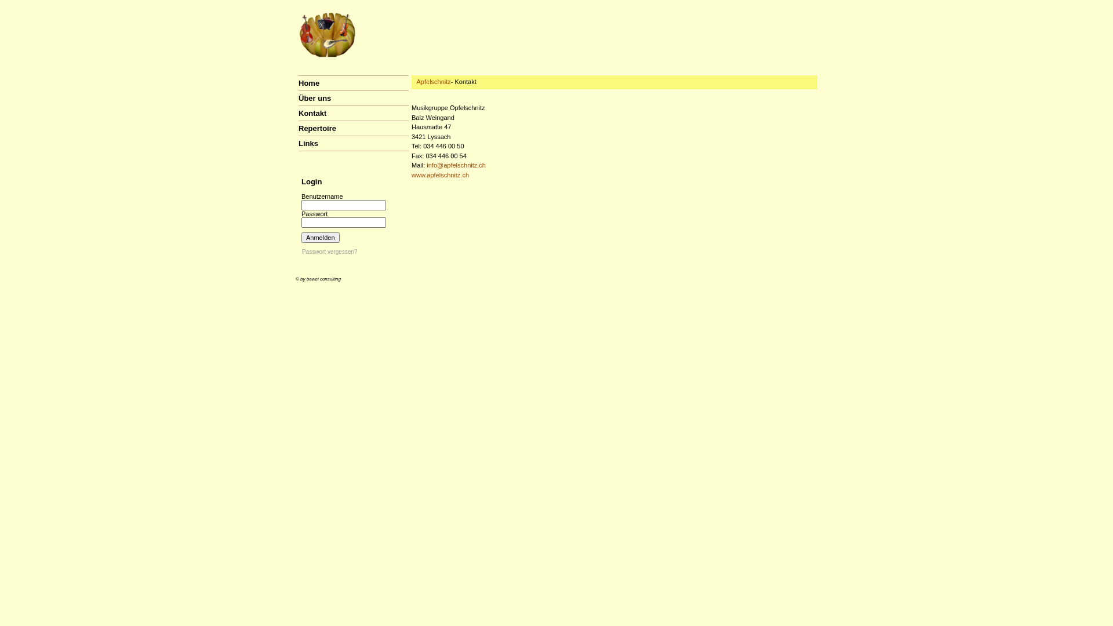 The image size is (1113, 626). What do you see at coordinates (456, 165) in the screenshot?
I see `'info@apfelschnitz.ch'` at bounding box center [456, 165].